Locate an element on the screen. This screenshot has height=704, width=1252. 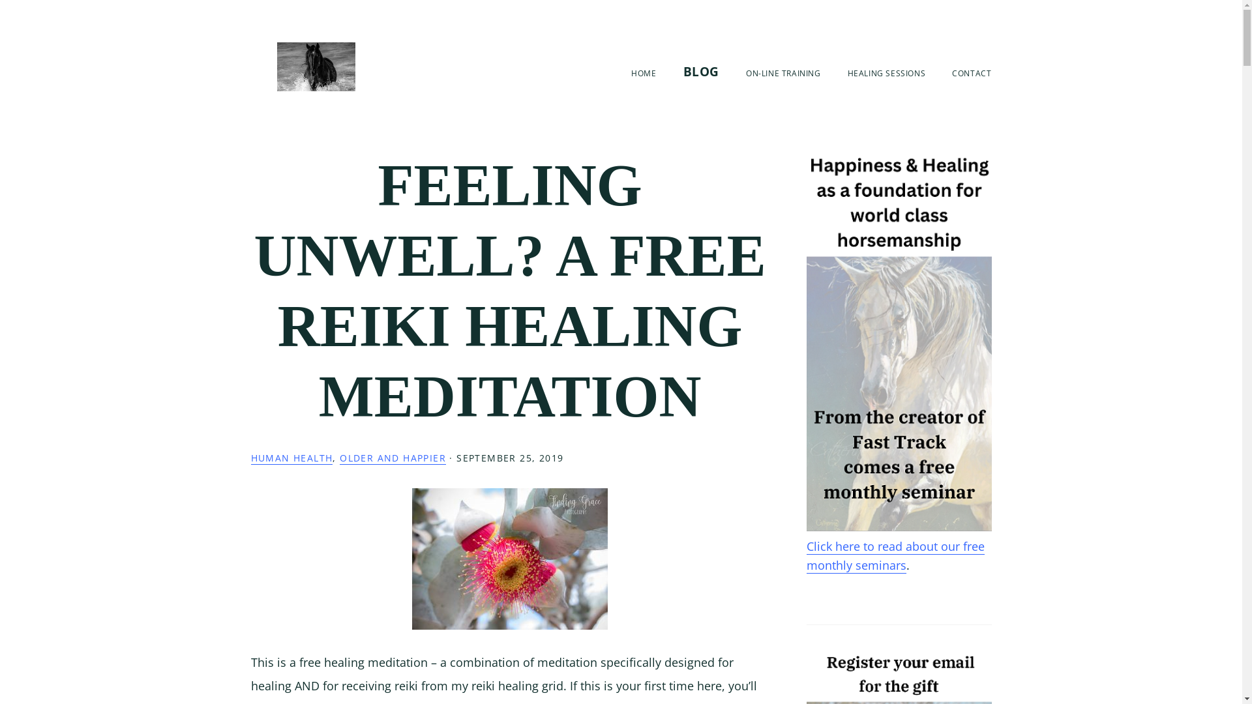
'BLOG' is located at coordinates (700, 72).